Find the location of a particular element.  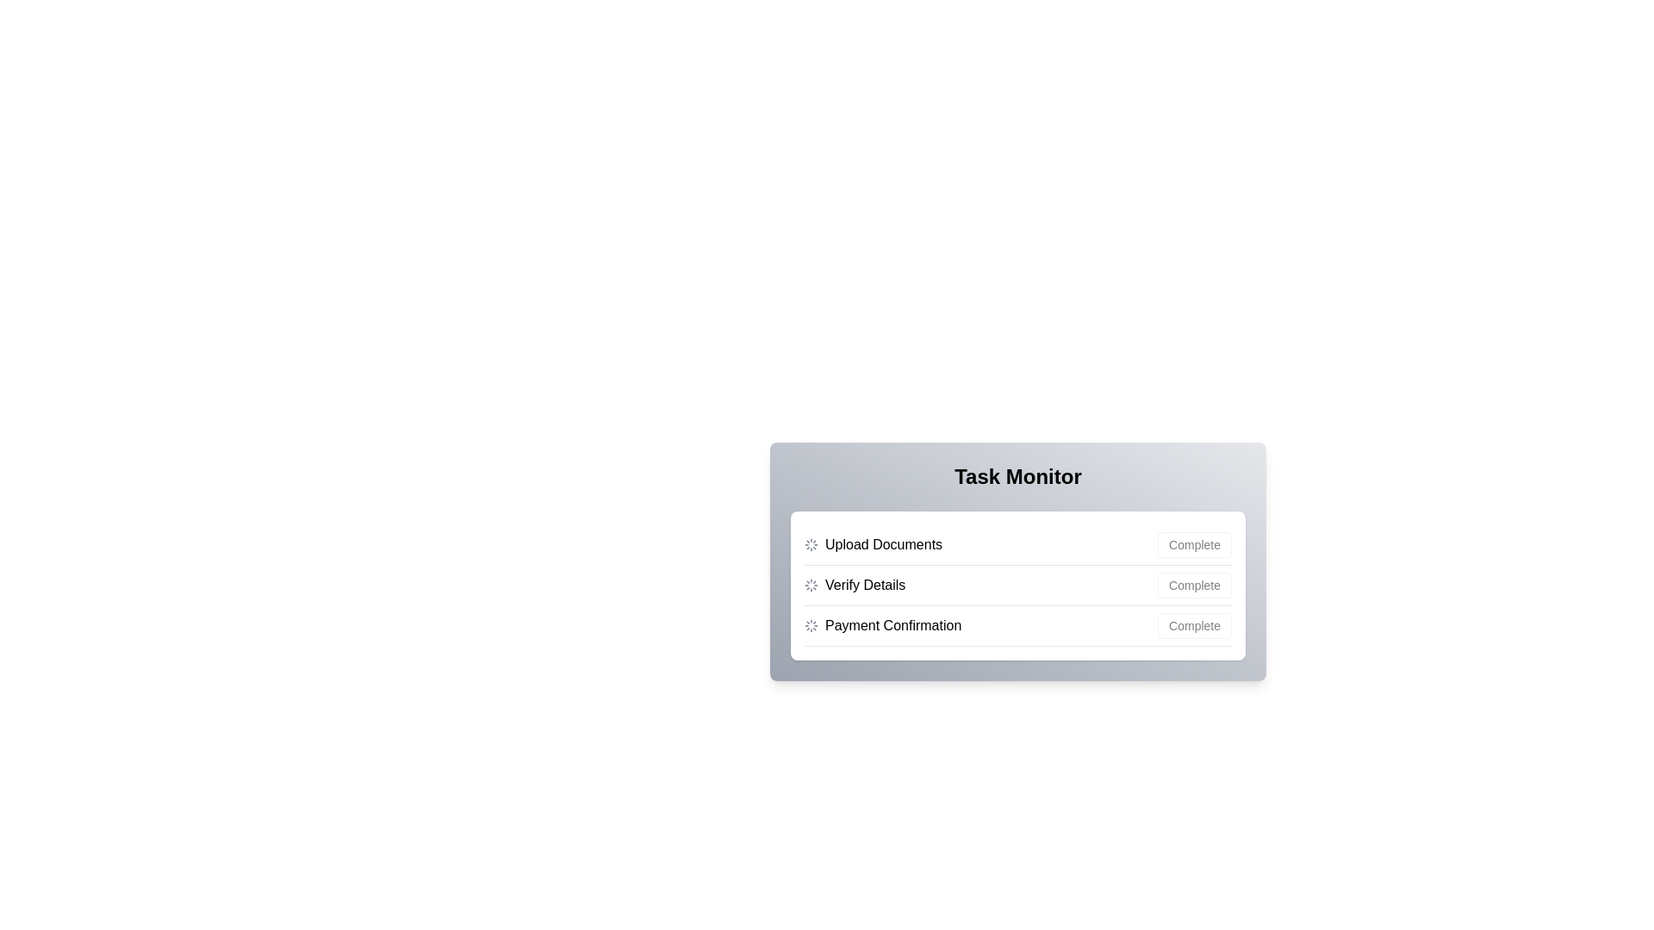

the 'Verify Details' text label, which is the second task title in the vertical list under the 'Task Monitor' section is located at coordinates (865, 584).